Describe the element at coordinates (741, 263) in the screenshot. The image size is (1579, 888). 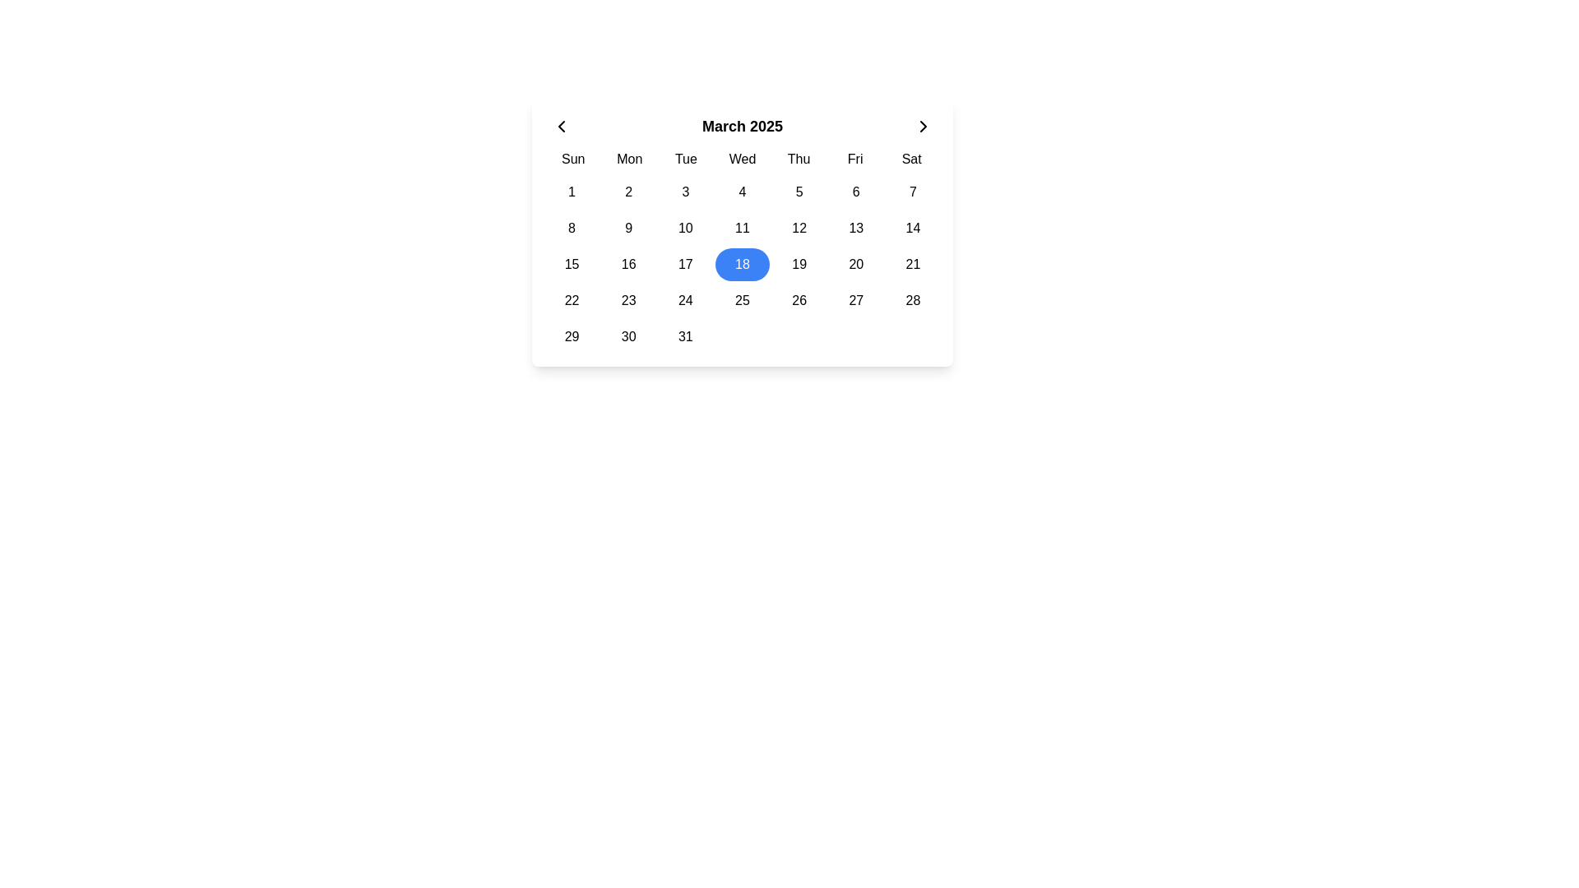
I see `the circular button labeled '18' with a blue background` at that location.